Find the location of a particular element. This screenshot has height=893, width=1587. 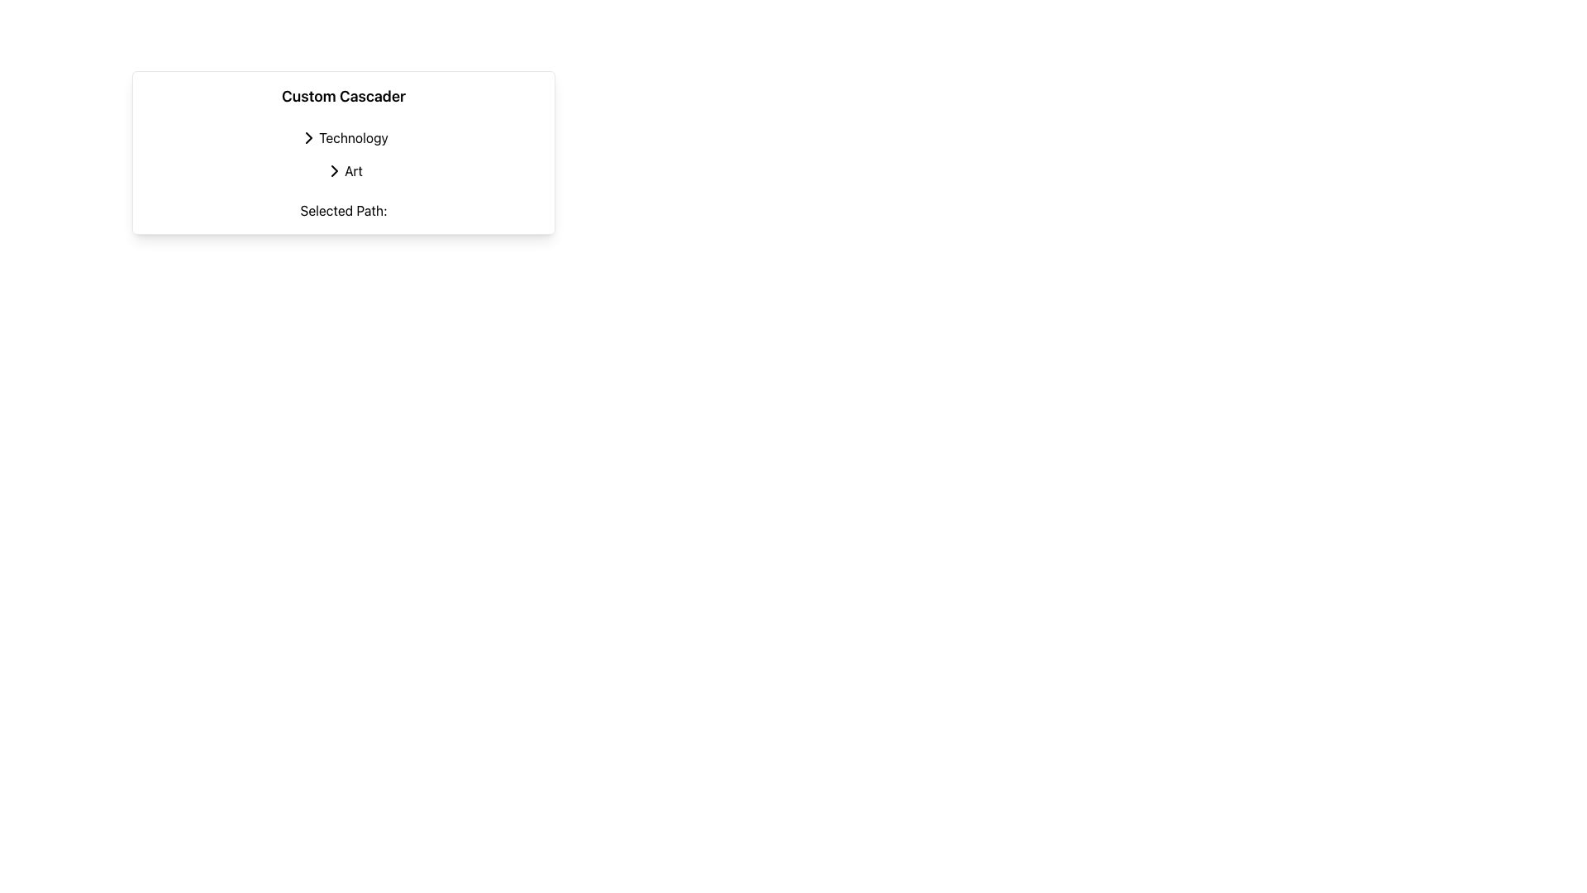

the right-pointing chevron icon next to the 'Art.' label is located at coordinates (334, 171).